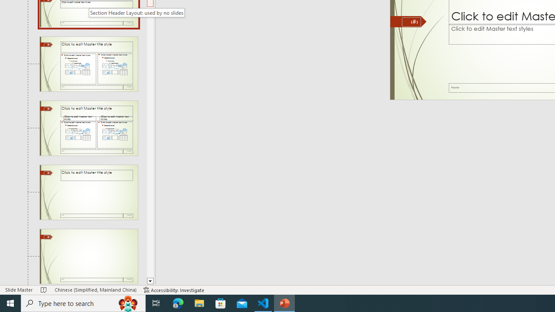 The image size is (555, 312). I want to click on 'Freeform 11', so click(408, 21).